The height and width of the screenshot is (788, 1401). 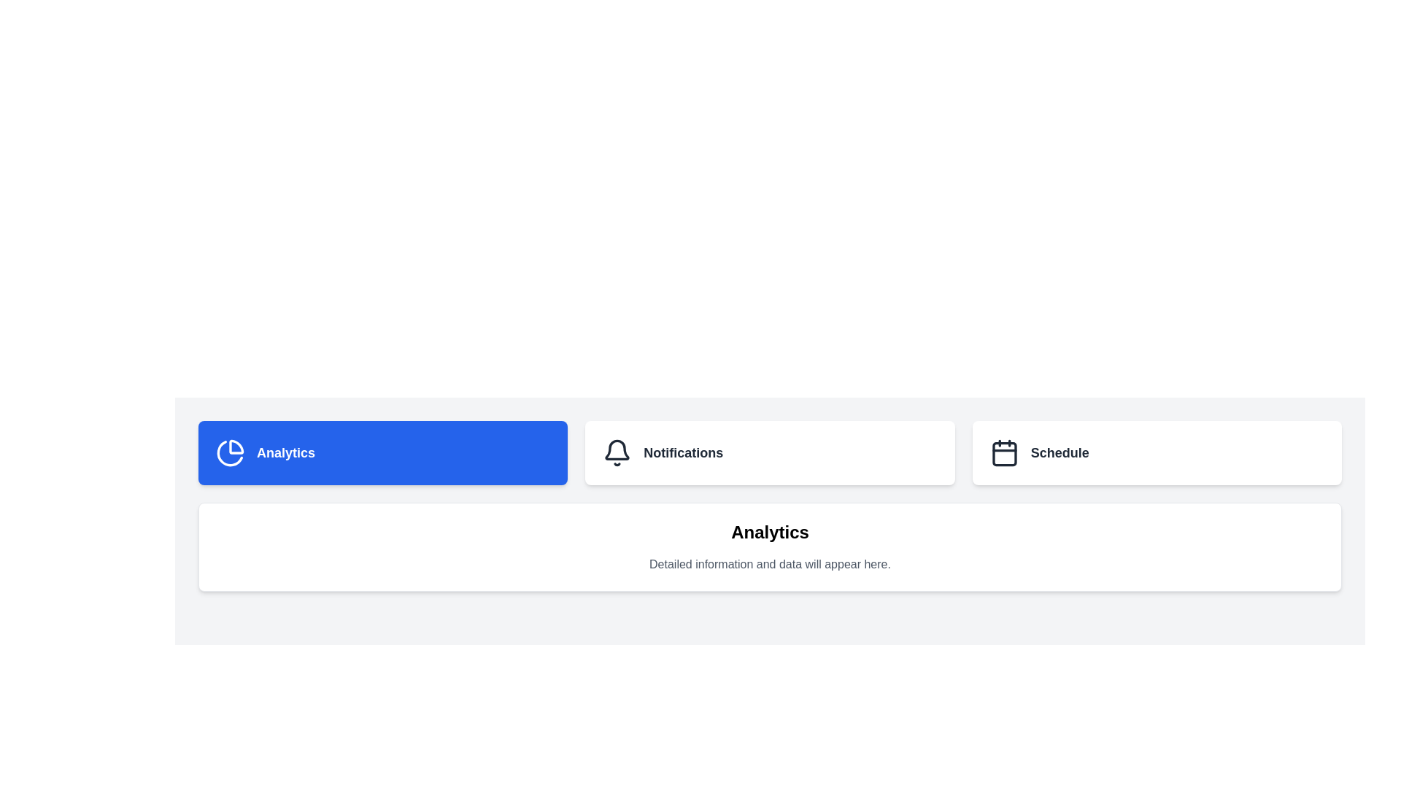 I want to click on the 'Analytics' text label, which is styled prominently in white on a blue background and located next to a pie chart icon, so click(x=286, y=452).